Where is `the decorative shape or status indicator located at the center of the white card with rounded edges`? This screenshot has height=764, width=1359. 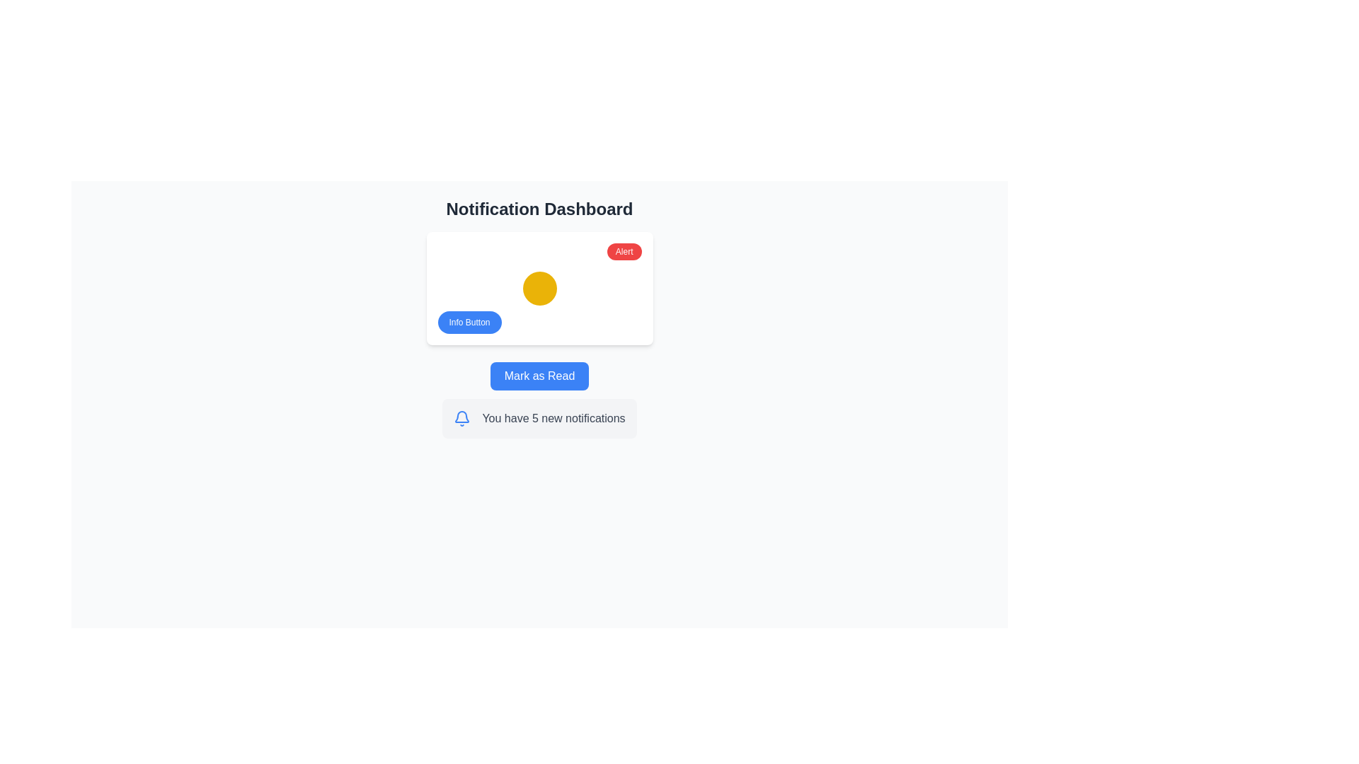
the decorative shape or status indicator located at the center of the white card with rounded edges is located at coordinates (539, 288).